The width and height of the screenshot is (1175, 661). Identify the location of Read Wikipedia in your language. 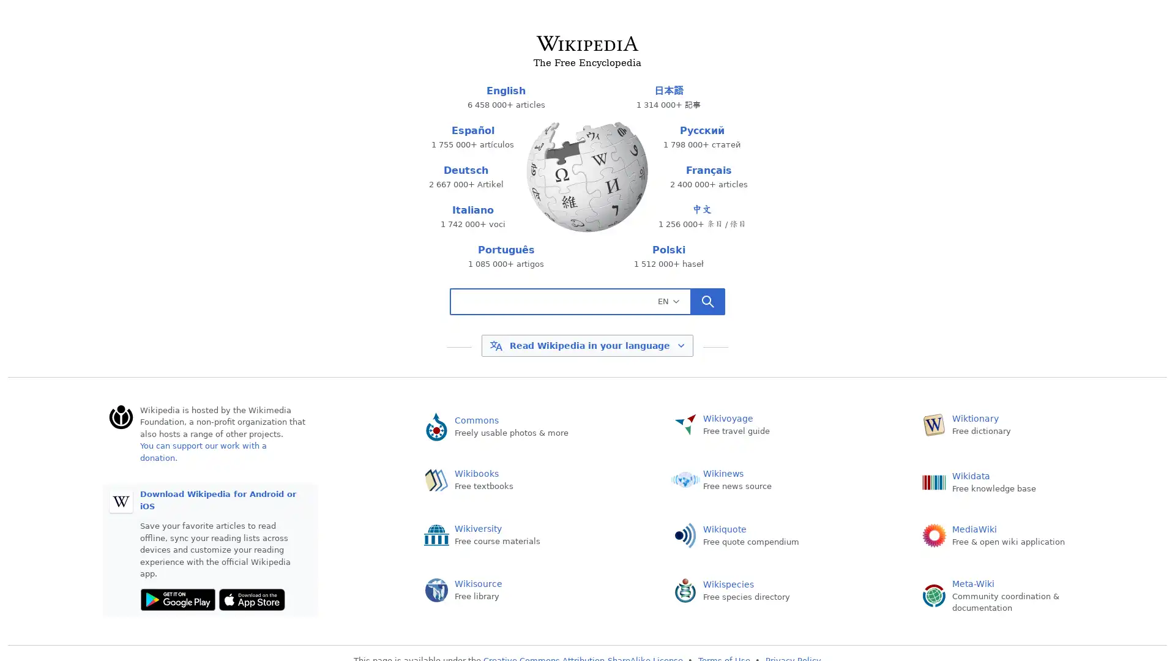
(586, 345).